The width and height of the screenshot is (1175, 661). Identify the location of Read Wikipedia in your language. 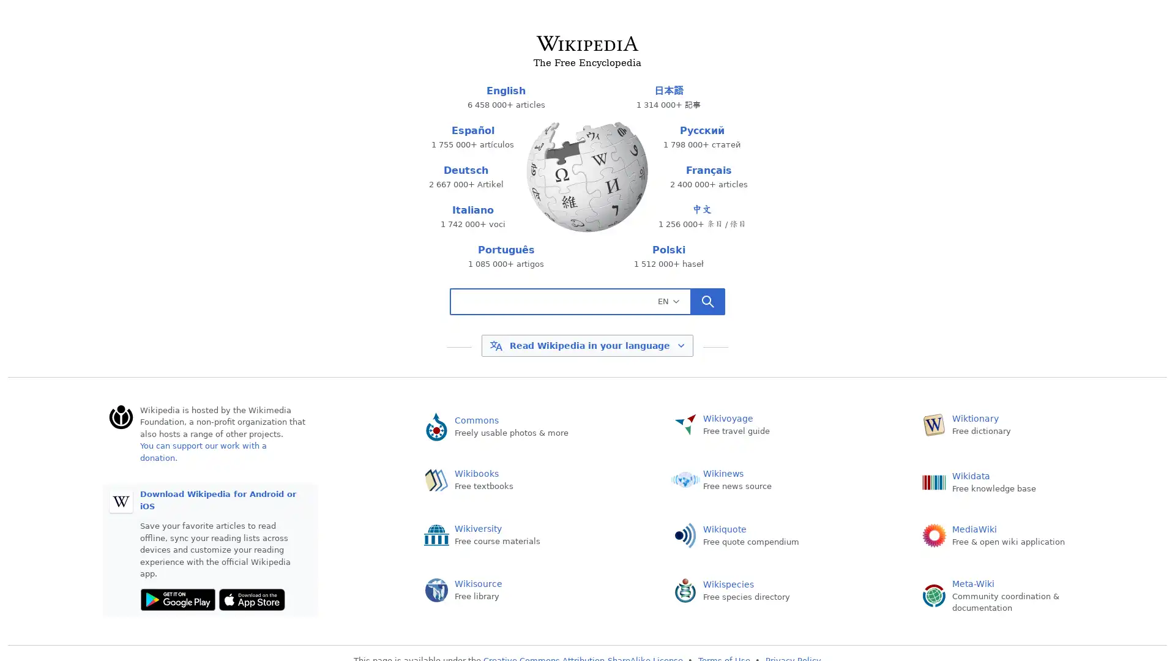
(586, 345).